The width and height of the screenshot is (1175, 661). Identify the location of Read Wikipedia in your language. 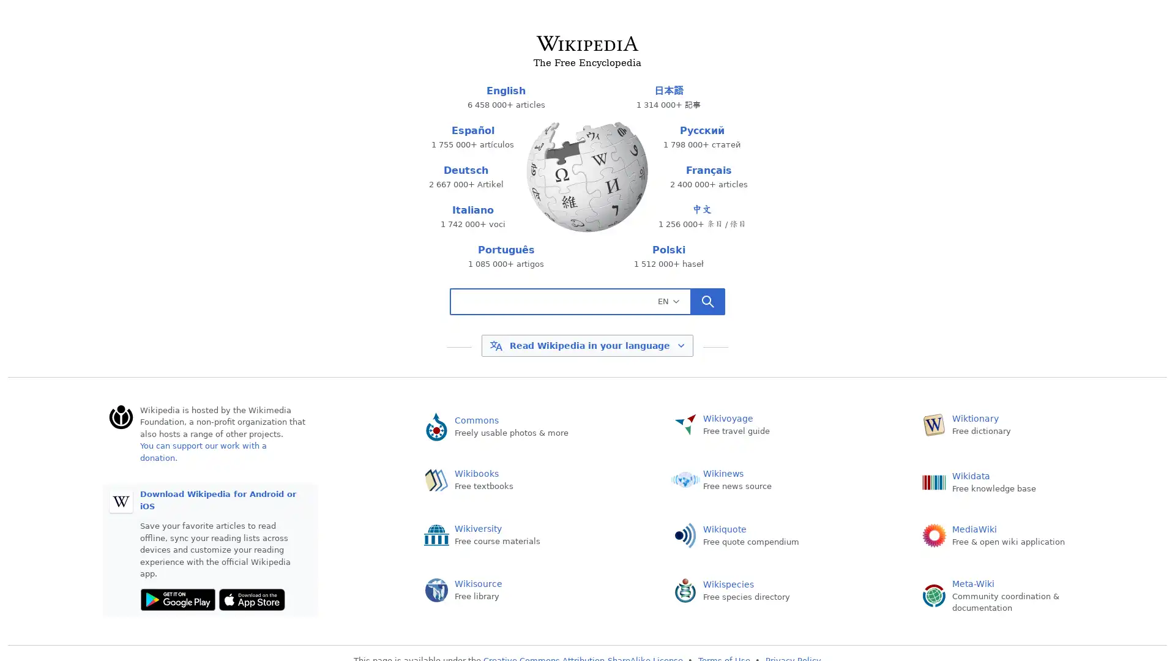
(586, 345).